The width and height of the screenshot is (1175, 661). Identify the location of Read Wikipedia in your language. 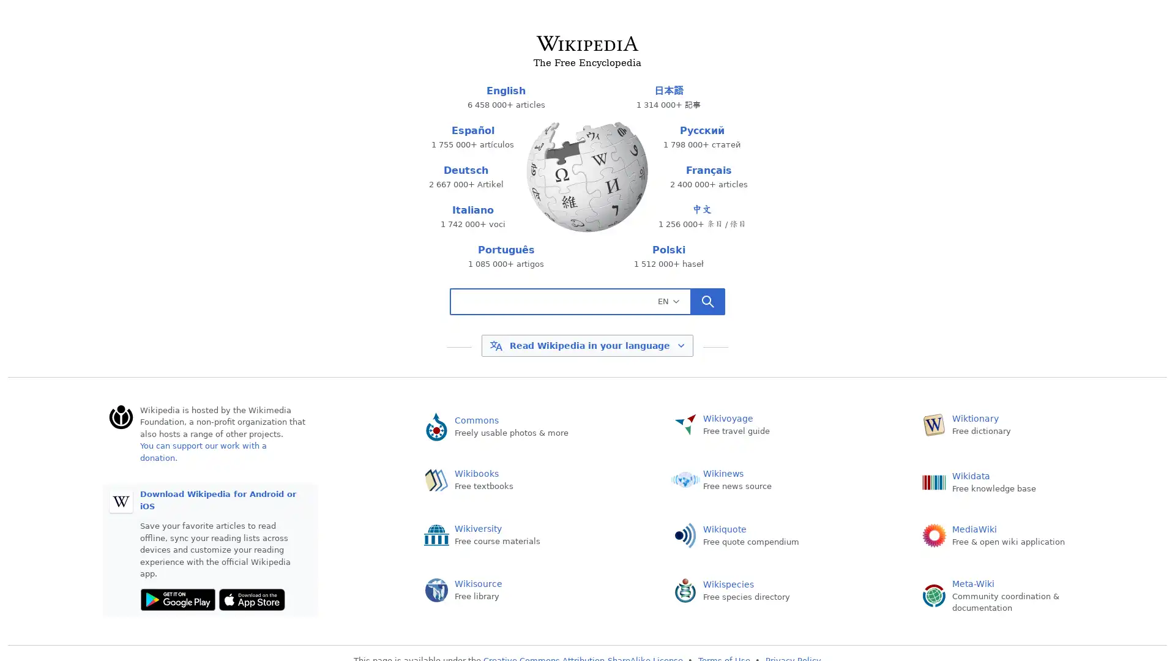
(586, 345).